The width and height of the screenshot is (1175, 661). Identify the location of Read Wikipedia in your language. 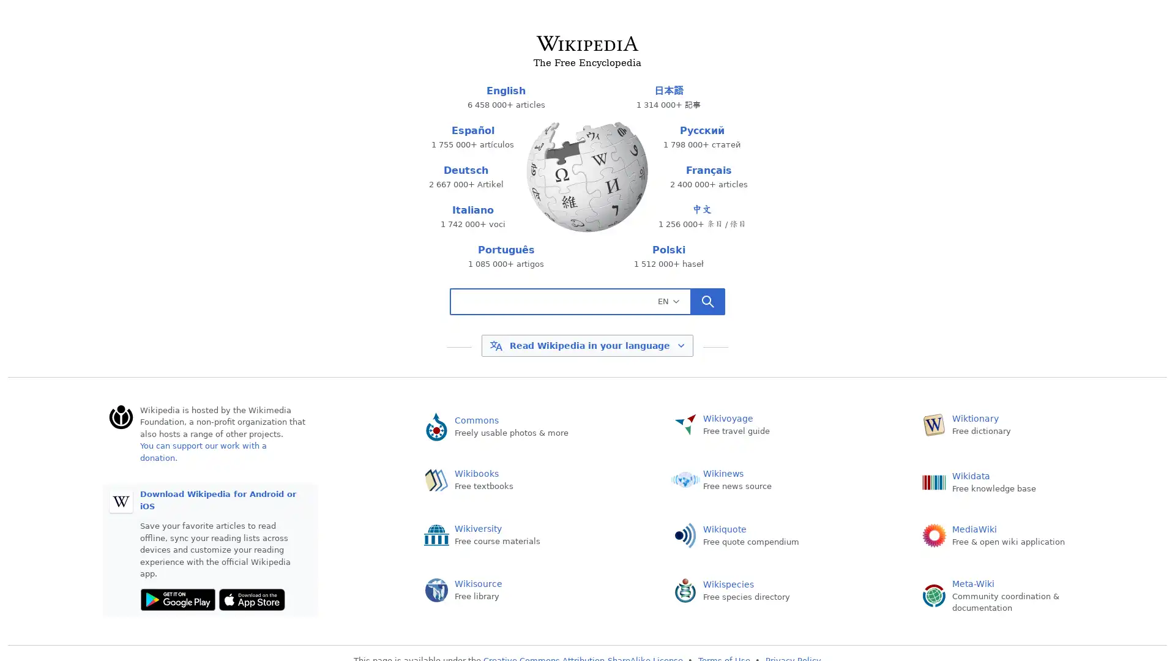
(586, 345).